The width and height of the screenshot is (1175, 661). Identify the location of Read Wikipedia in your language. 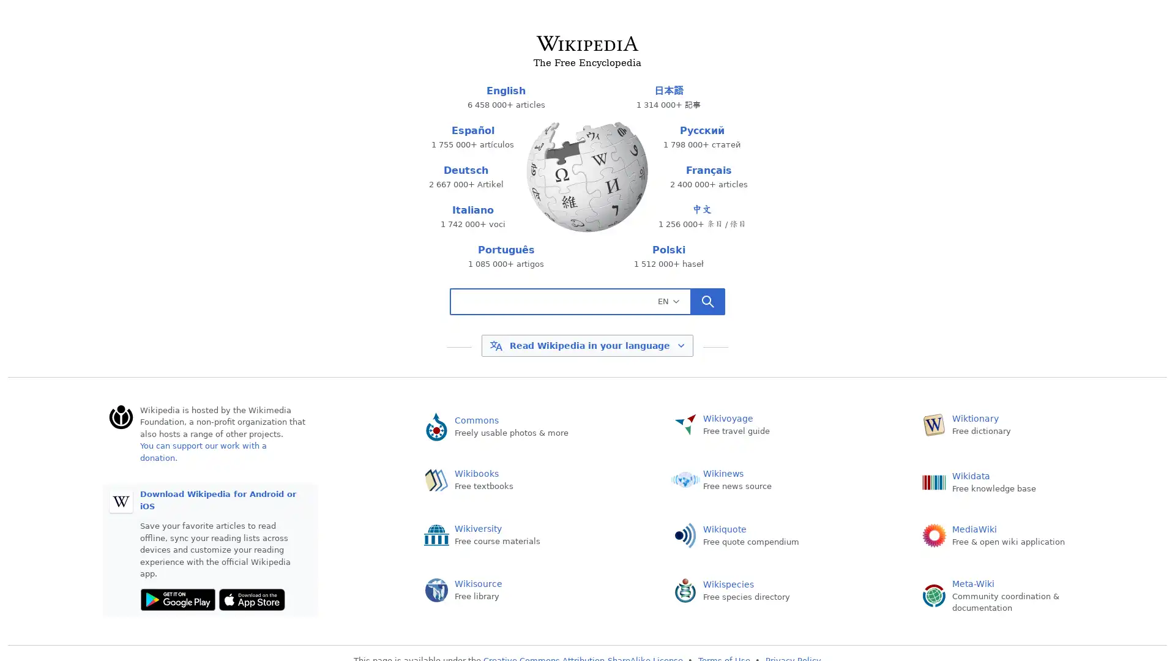
(586, 345).